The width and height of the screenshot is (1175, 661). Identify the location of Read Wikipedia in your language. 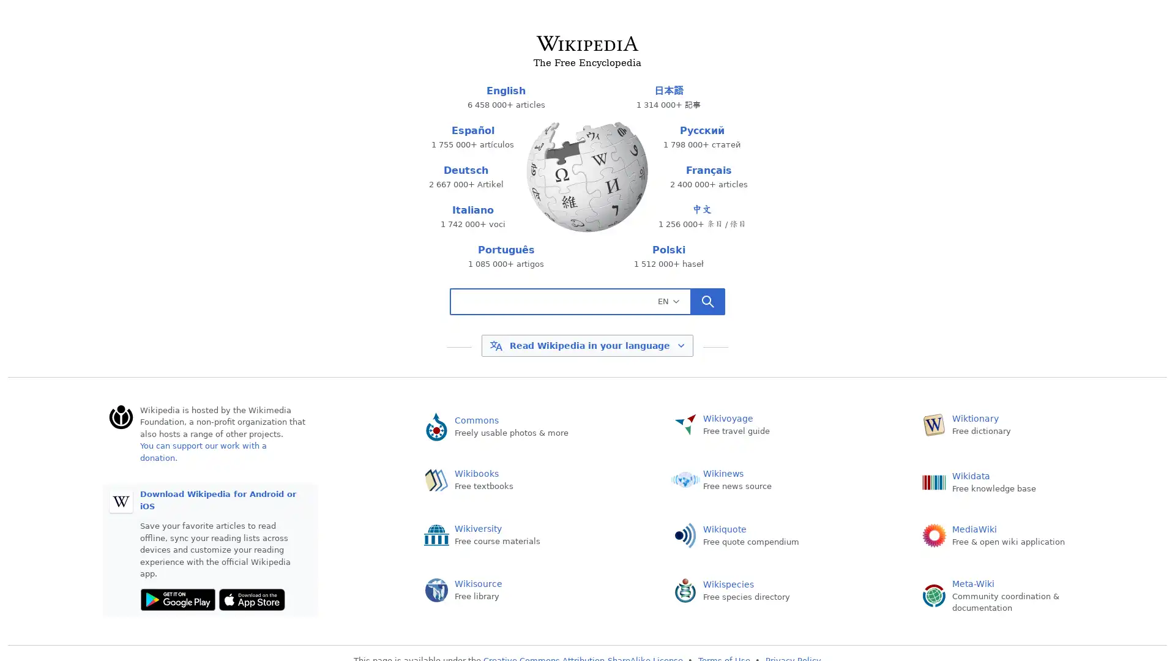
(586, 345).